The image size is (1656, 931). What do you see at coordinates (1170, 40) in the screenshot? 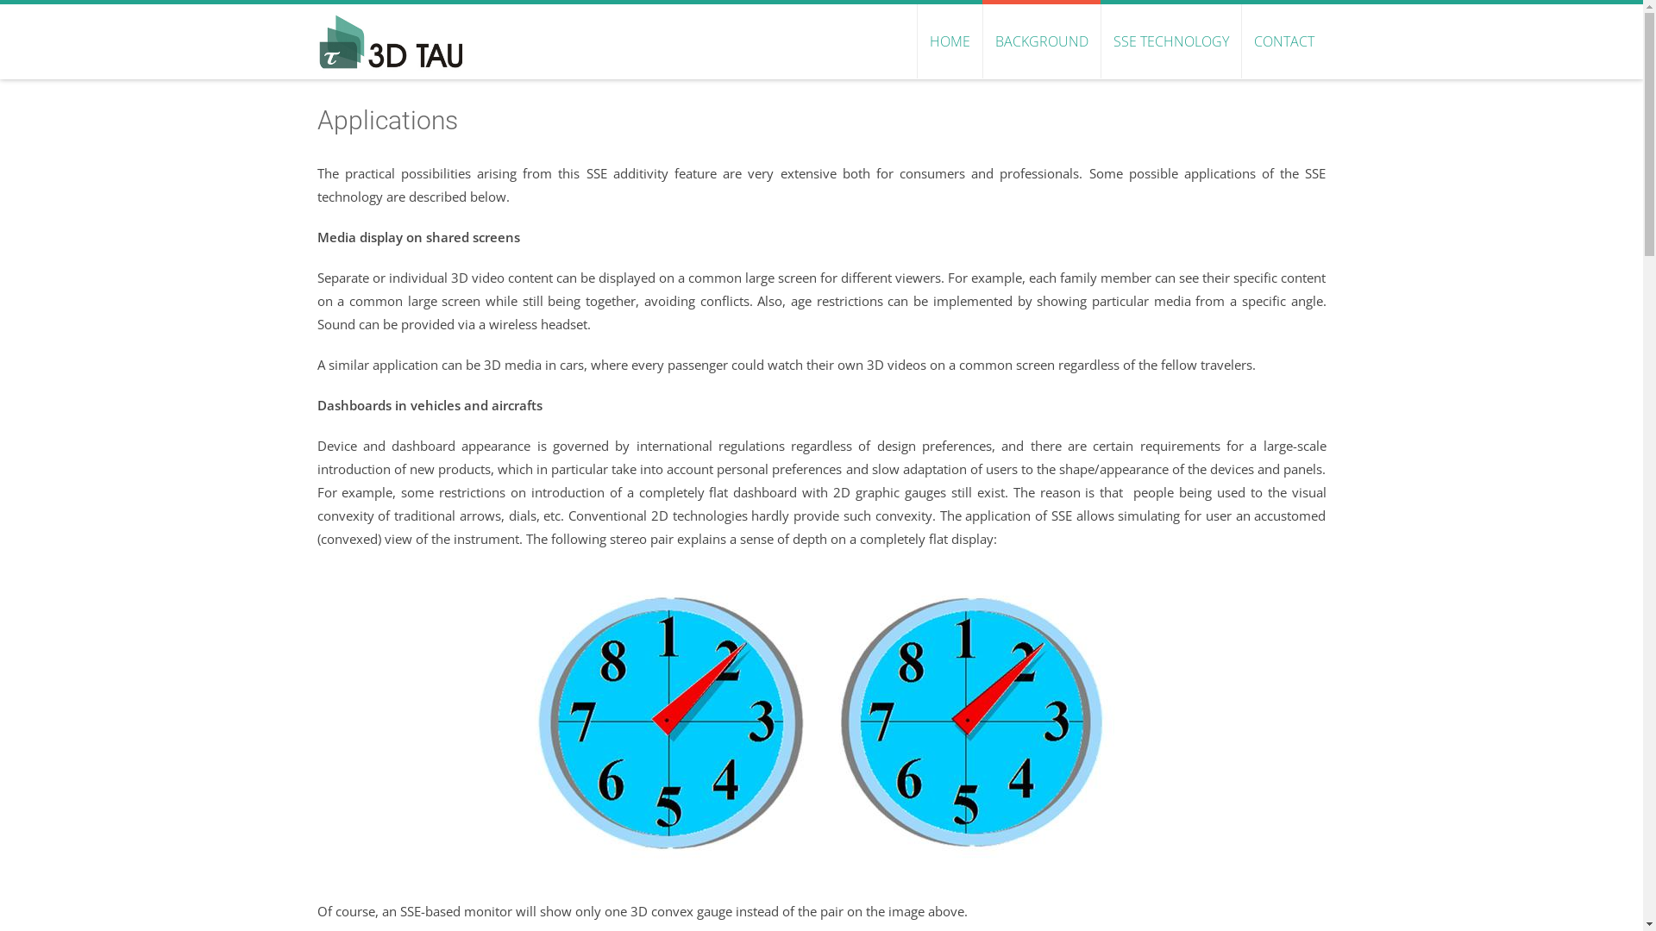
I see `'SSE TECHNOLOGY'` at bounding box center [1170, 40].